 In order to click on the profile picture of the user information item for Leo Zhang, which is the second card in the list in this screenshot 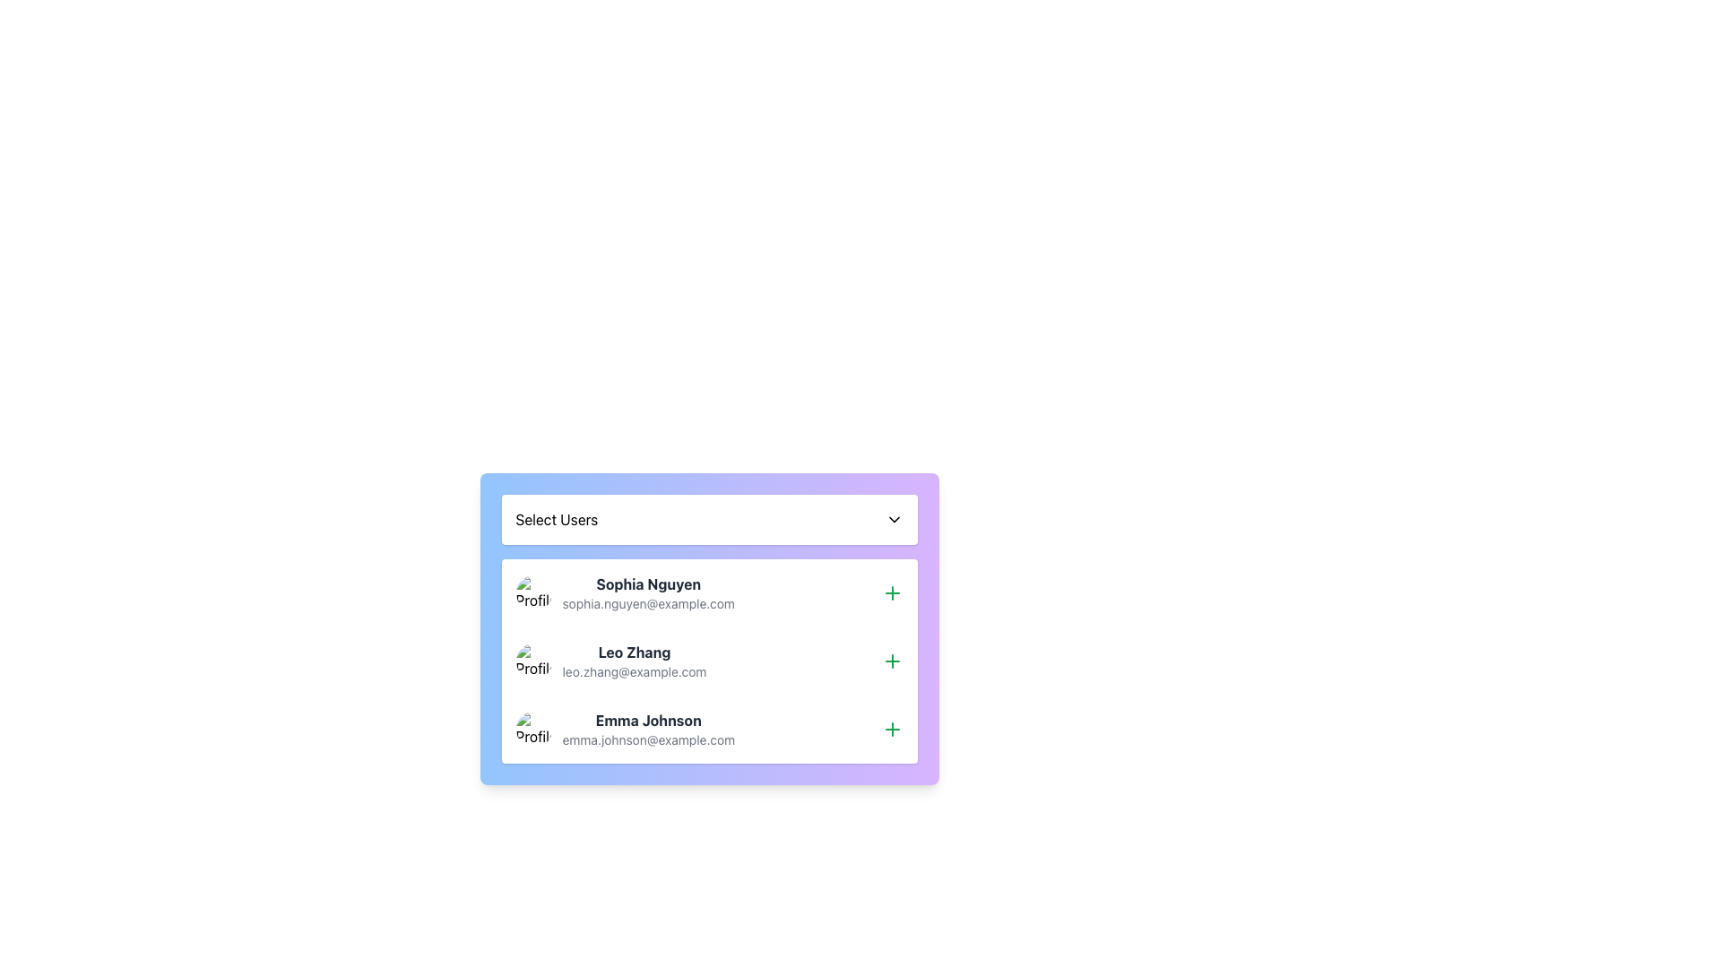, I will do `click(708, 661)`.